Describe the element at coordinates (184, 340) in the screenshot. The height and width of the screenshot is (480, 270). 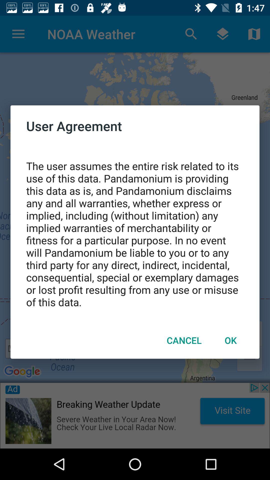
I see `icon to the left of ok` at that location.